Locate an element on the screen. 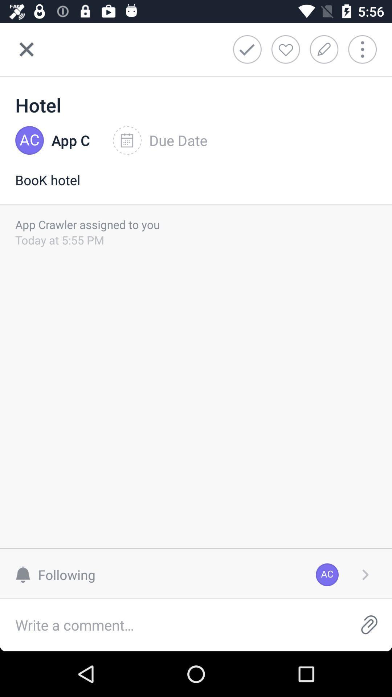 This screenshot has height=697, width=392. the item next to ac is located at coordinates (365, 574).